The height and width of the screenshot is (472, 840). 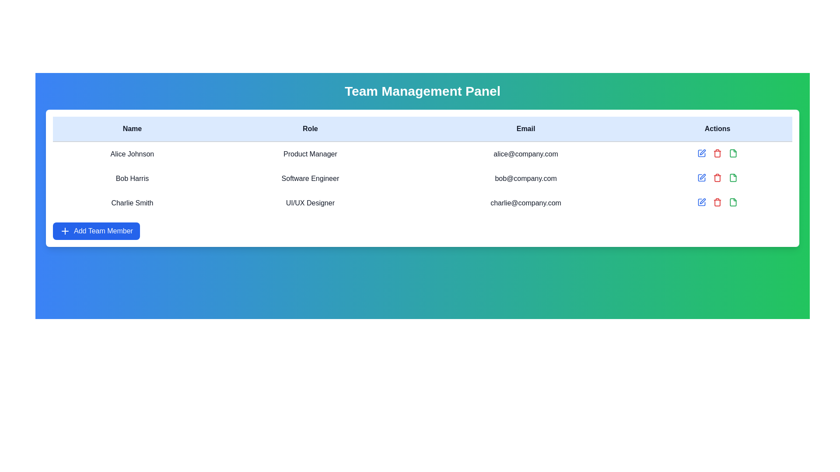 What do you see at coordinates (525, 129) in the screenshot?
I see `the Table Header Cell containing the text 'Email', which is the third column header in a light blue background within the table header row` at bounding box center [525, 129].